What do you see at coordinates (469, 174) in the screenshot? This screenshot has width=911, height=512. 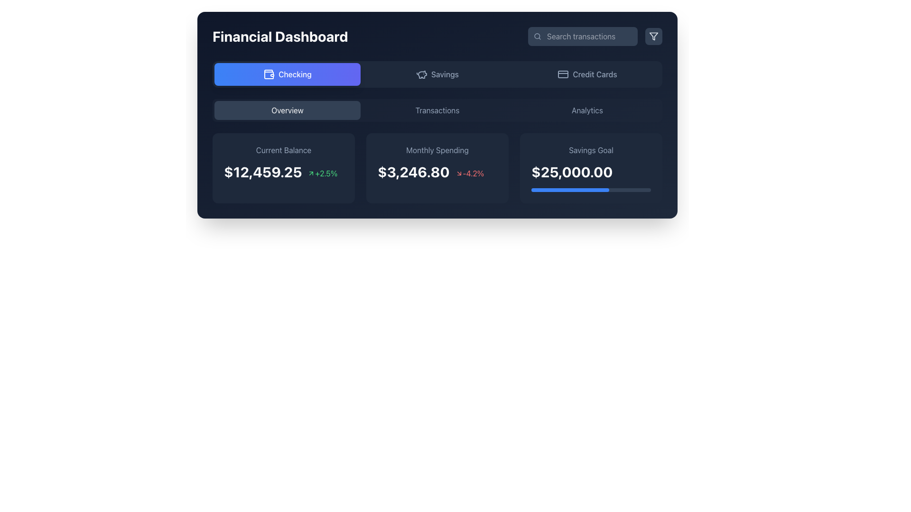 I see `the decorated text element displaying '-4.2%' with a downward red arrow icon, indicating a decrease, located in the 'Monthly Spending' section` at bounding box center [469, 174].